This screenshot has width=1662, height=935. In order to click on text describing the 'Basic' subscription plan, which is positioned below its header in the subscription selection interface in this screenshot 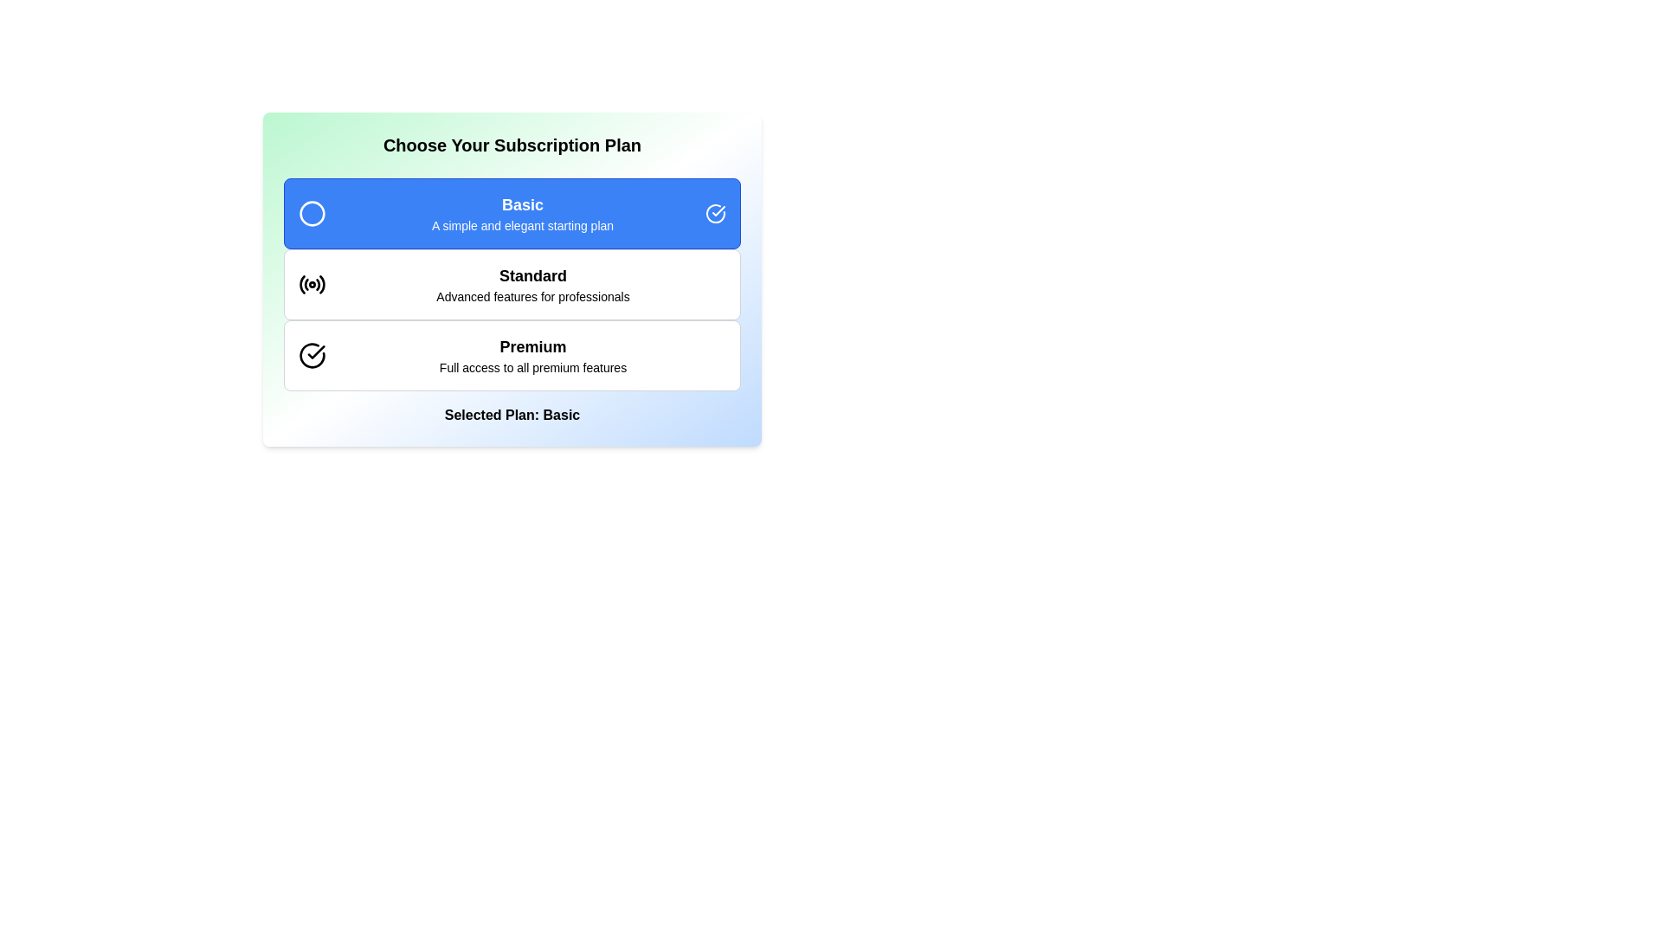, I will do `click(522, 225)`.